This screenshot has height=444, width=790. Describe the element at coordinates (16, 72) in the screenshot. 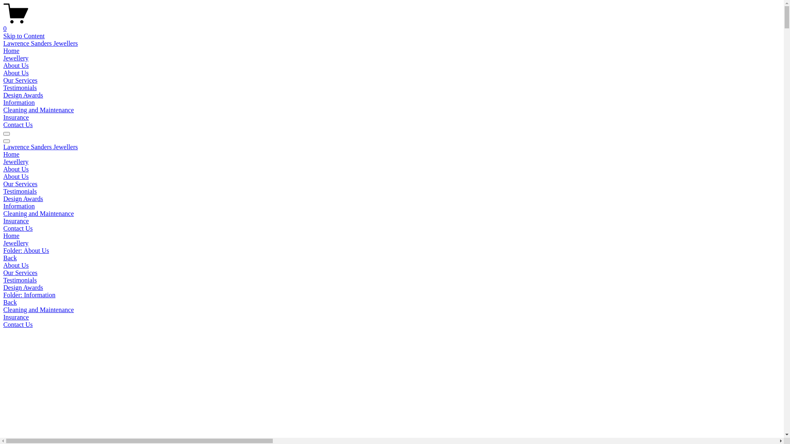

I see `'About Us'` at that location.